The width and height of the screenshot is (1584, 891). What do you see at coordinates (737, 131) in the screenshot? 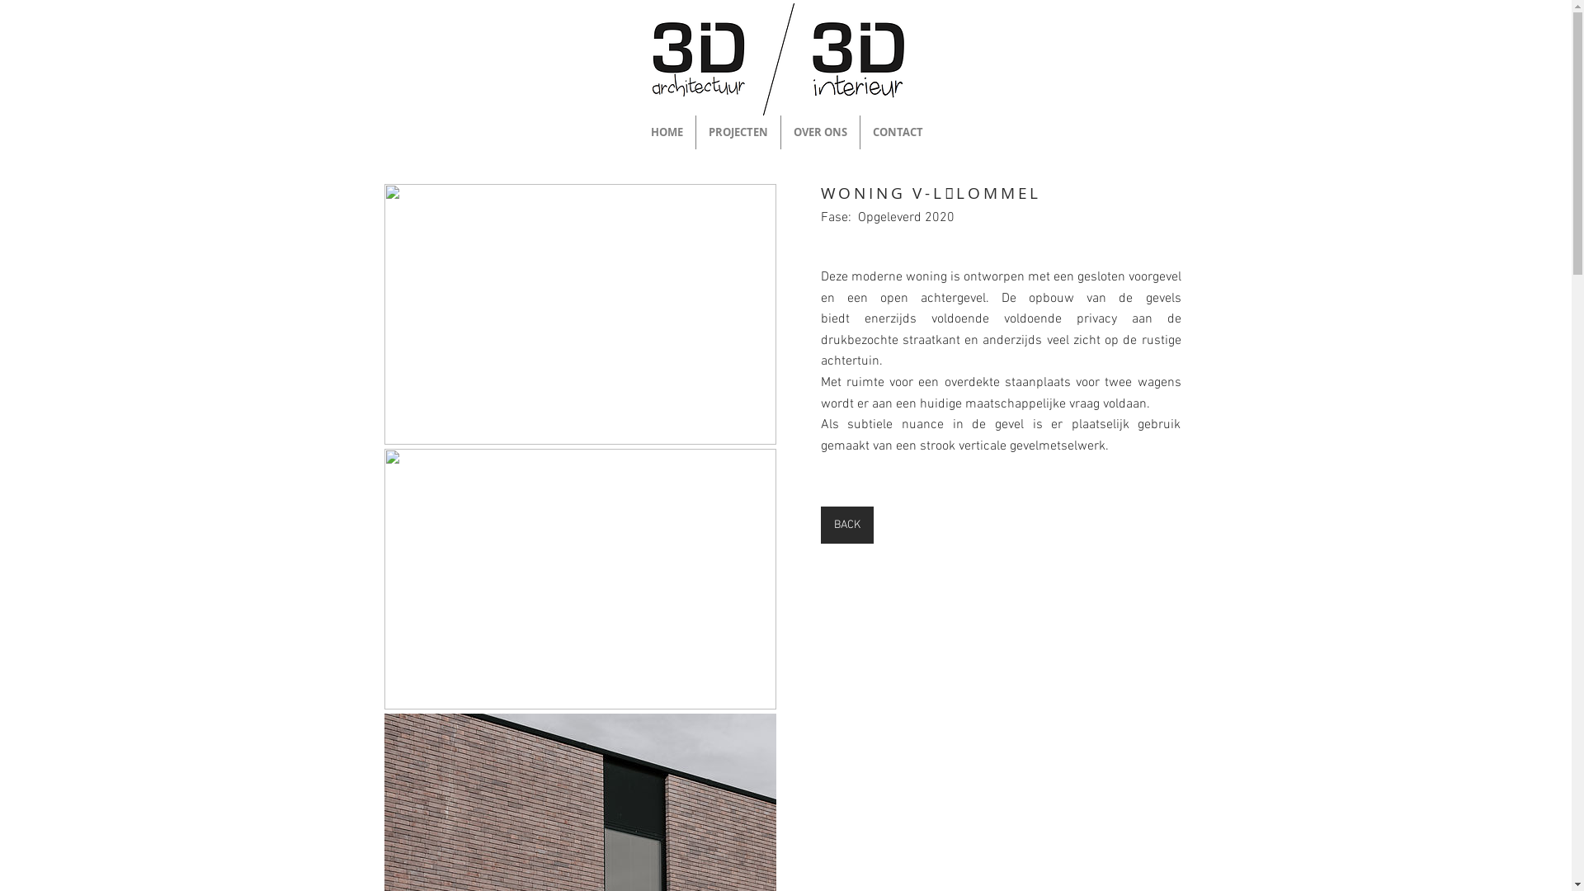
I see `'PROJECTEN'` at bounding box center [737, 131].